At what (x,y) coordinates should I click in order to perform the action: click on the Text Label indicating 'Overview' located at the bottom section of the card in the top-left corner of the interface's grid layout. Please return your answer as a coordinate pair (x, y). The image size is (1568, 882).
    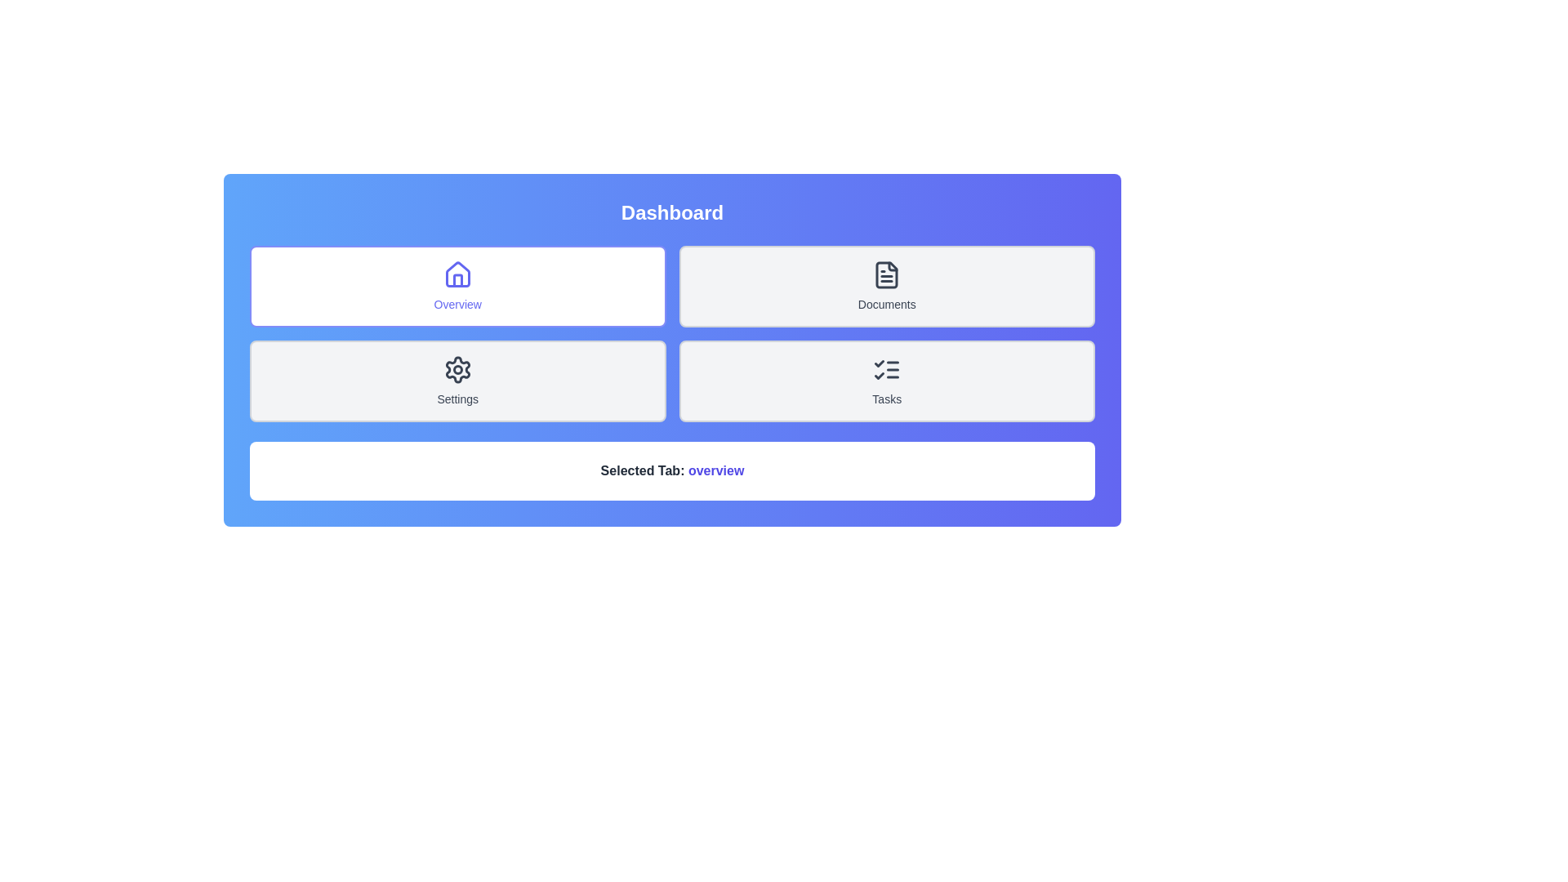
    Looking at the image, I should click on (457, 305).